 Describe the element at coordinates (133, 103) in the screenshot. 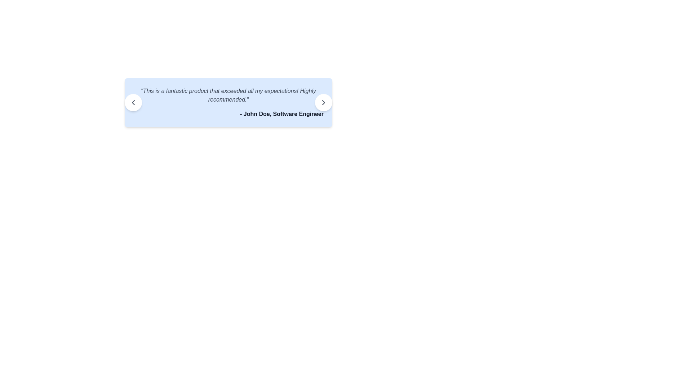

I see `the left-pointing chevron icon styled in dark gray within a circular white button, located at the left side of a review card` at that location.